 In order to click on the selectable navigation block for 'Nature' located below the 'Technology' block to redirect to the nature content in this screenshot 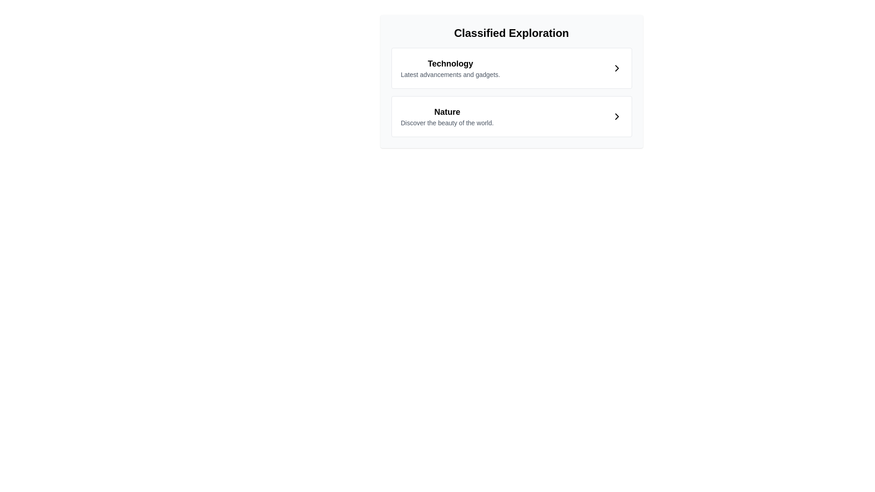, I will do `click(511, 116)`.